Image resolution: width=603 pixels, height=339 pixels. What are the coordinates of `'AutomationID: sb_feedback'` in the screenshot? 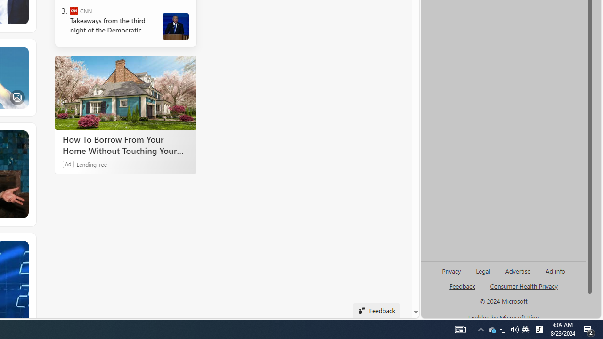 It's located at (462, 285).